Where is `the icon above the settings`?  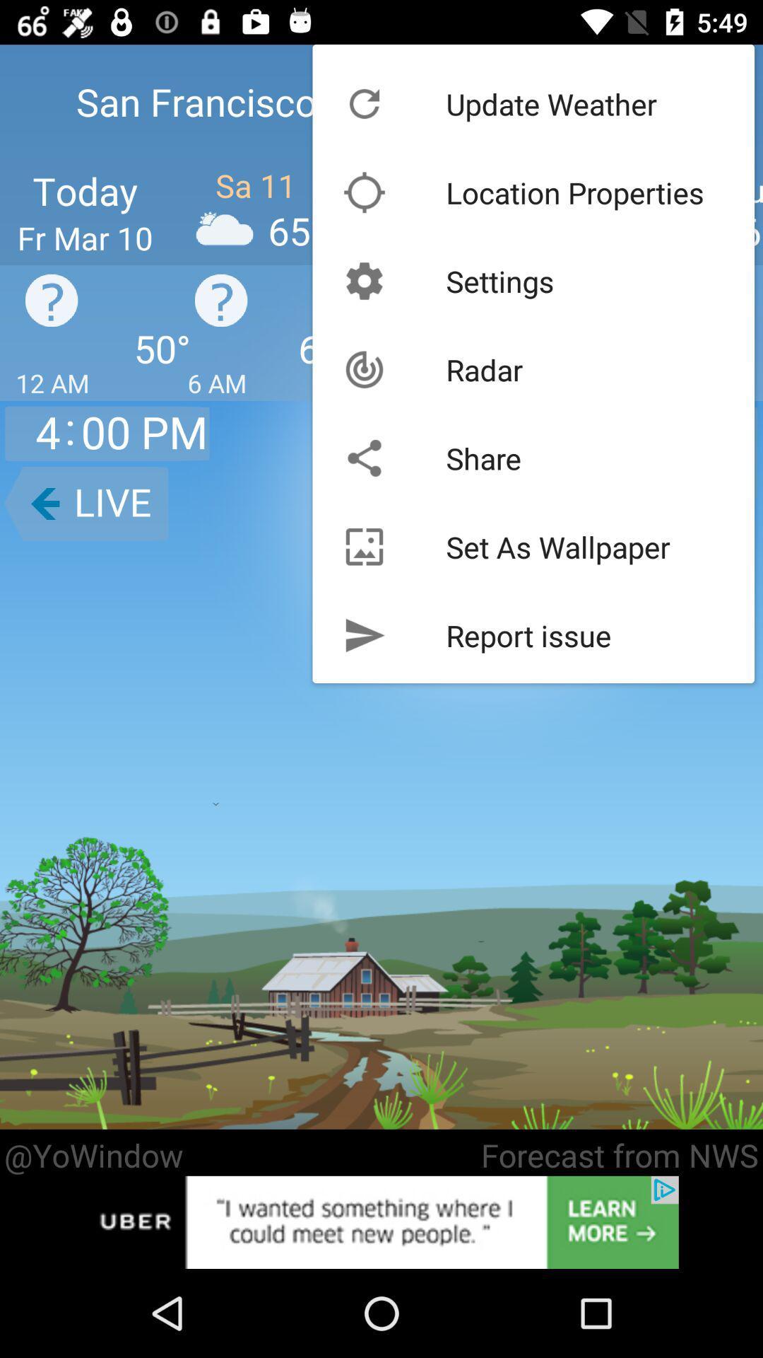
the icon above the settings is located at coordinates (575, 192).